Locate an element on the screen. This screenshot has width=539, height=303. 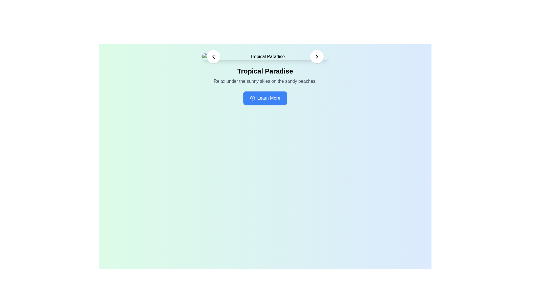
the small triangular arrowhead facing left, which is part of the chevron-left arrow icon located on the top-left of the interface, next to the text 'Tropical Paradise' is located at coordinates (213, 56).